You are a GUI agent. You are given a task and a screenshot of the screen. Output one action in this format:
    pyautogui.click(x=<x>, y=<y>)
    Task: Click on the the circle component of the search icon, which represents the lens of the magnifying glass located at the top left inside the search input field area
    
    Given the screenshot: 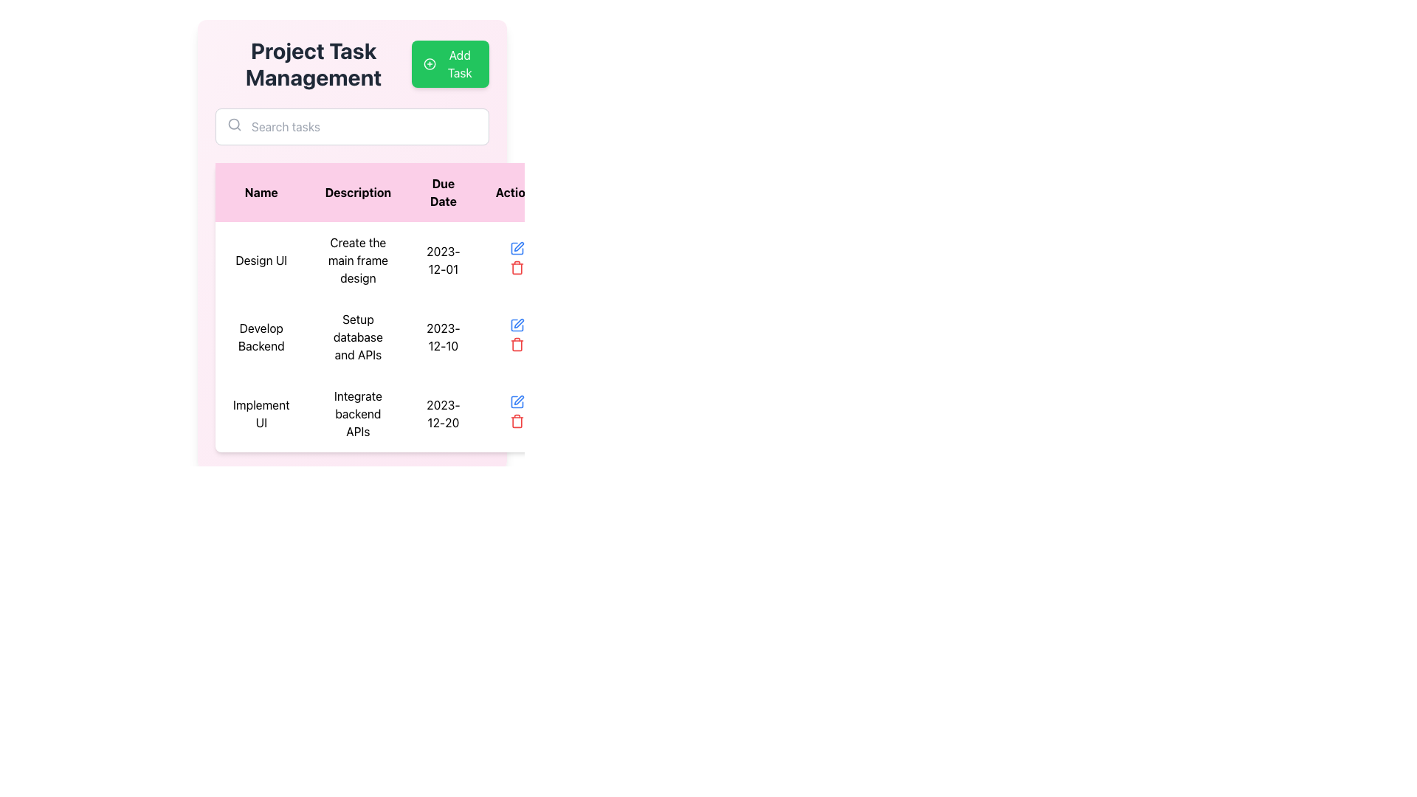 What is the action you would take?
    pyautogui.click(x=233, y=123)
    